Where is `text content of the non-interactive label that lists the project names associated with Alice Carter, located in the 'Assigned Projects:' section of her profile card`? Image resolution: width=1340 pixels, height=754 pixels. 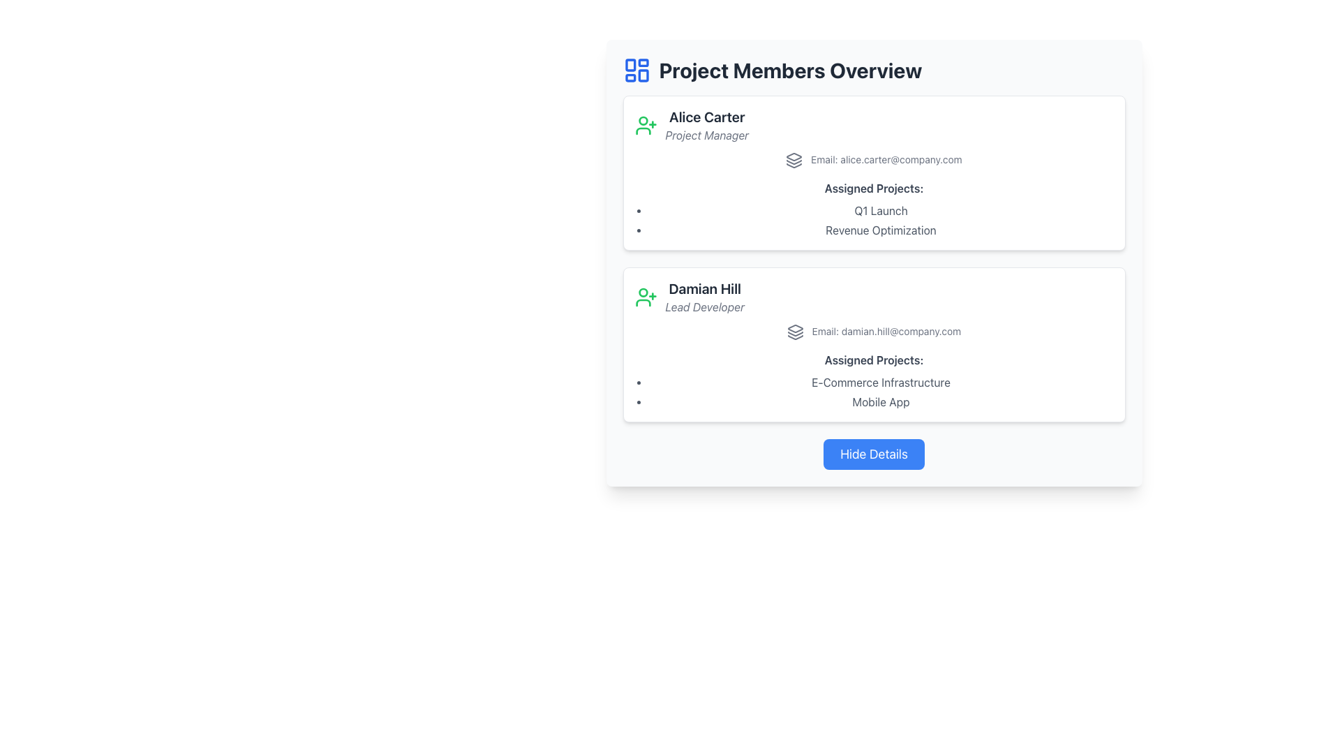 text content of the non-interactive label that lists the project names associated with Alice Carter, located in the 'Assigned Projects:' section of her profile card is located at coordinates (880, 220).